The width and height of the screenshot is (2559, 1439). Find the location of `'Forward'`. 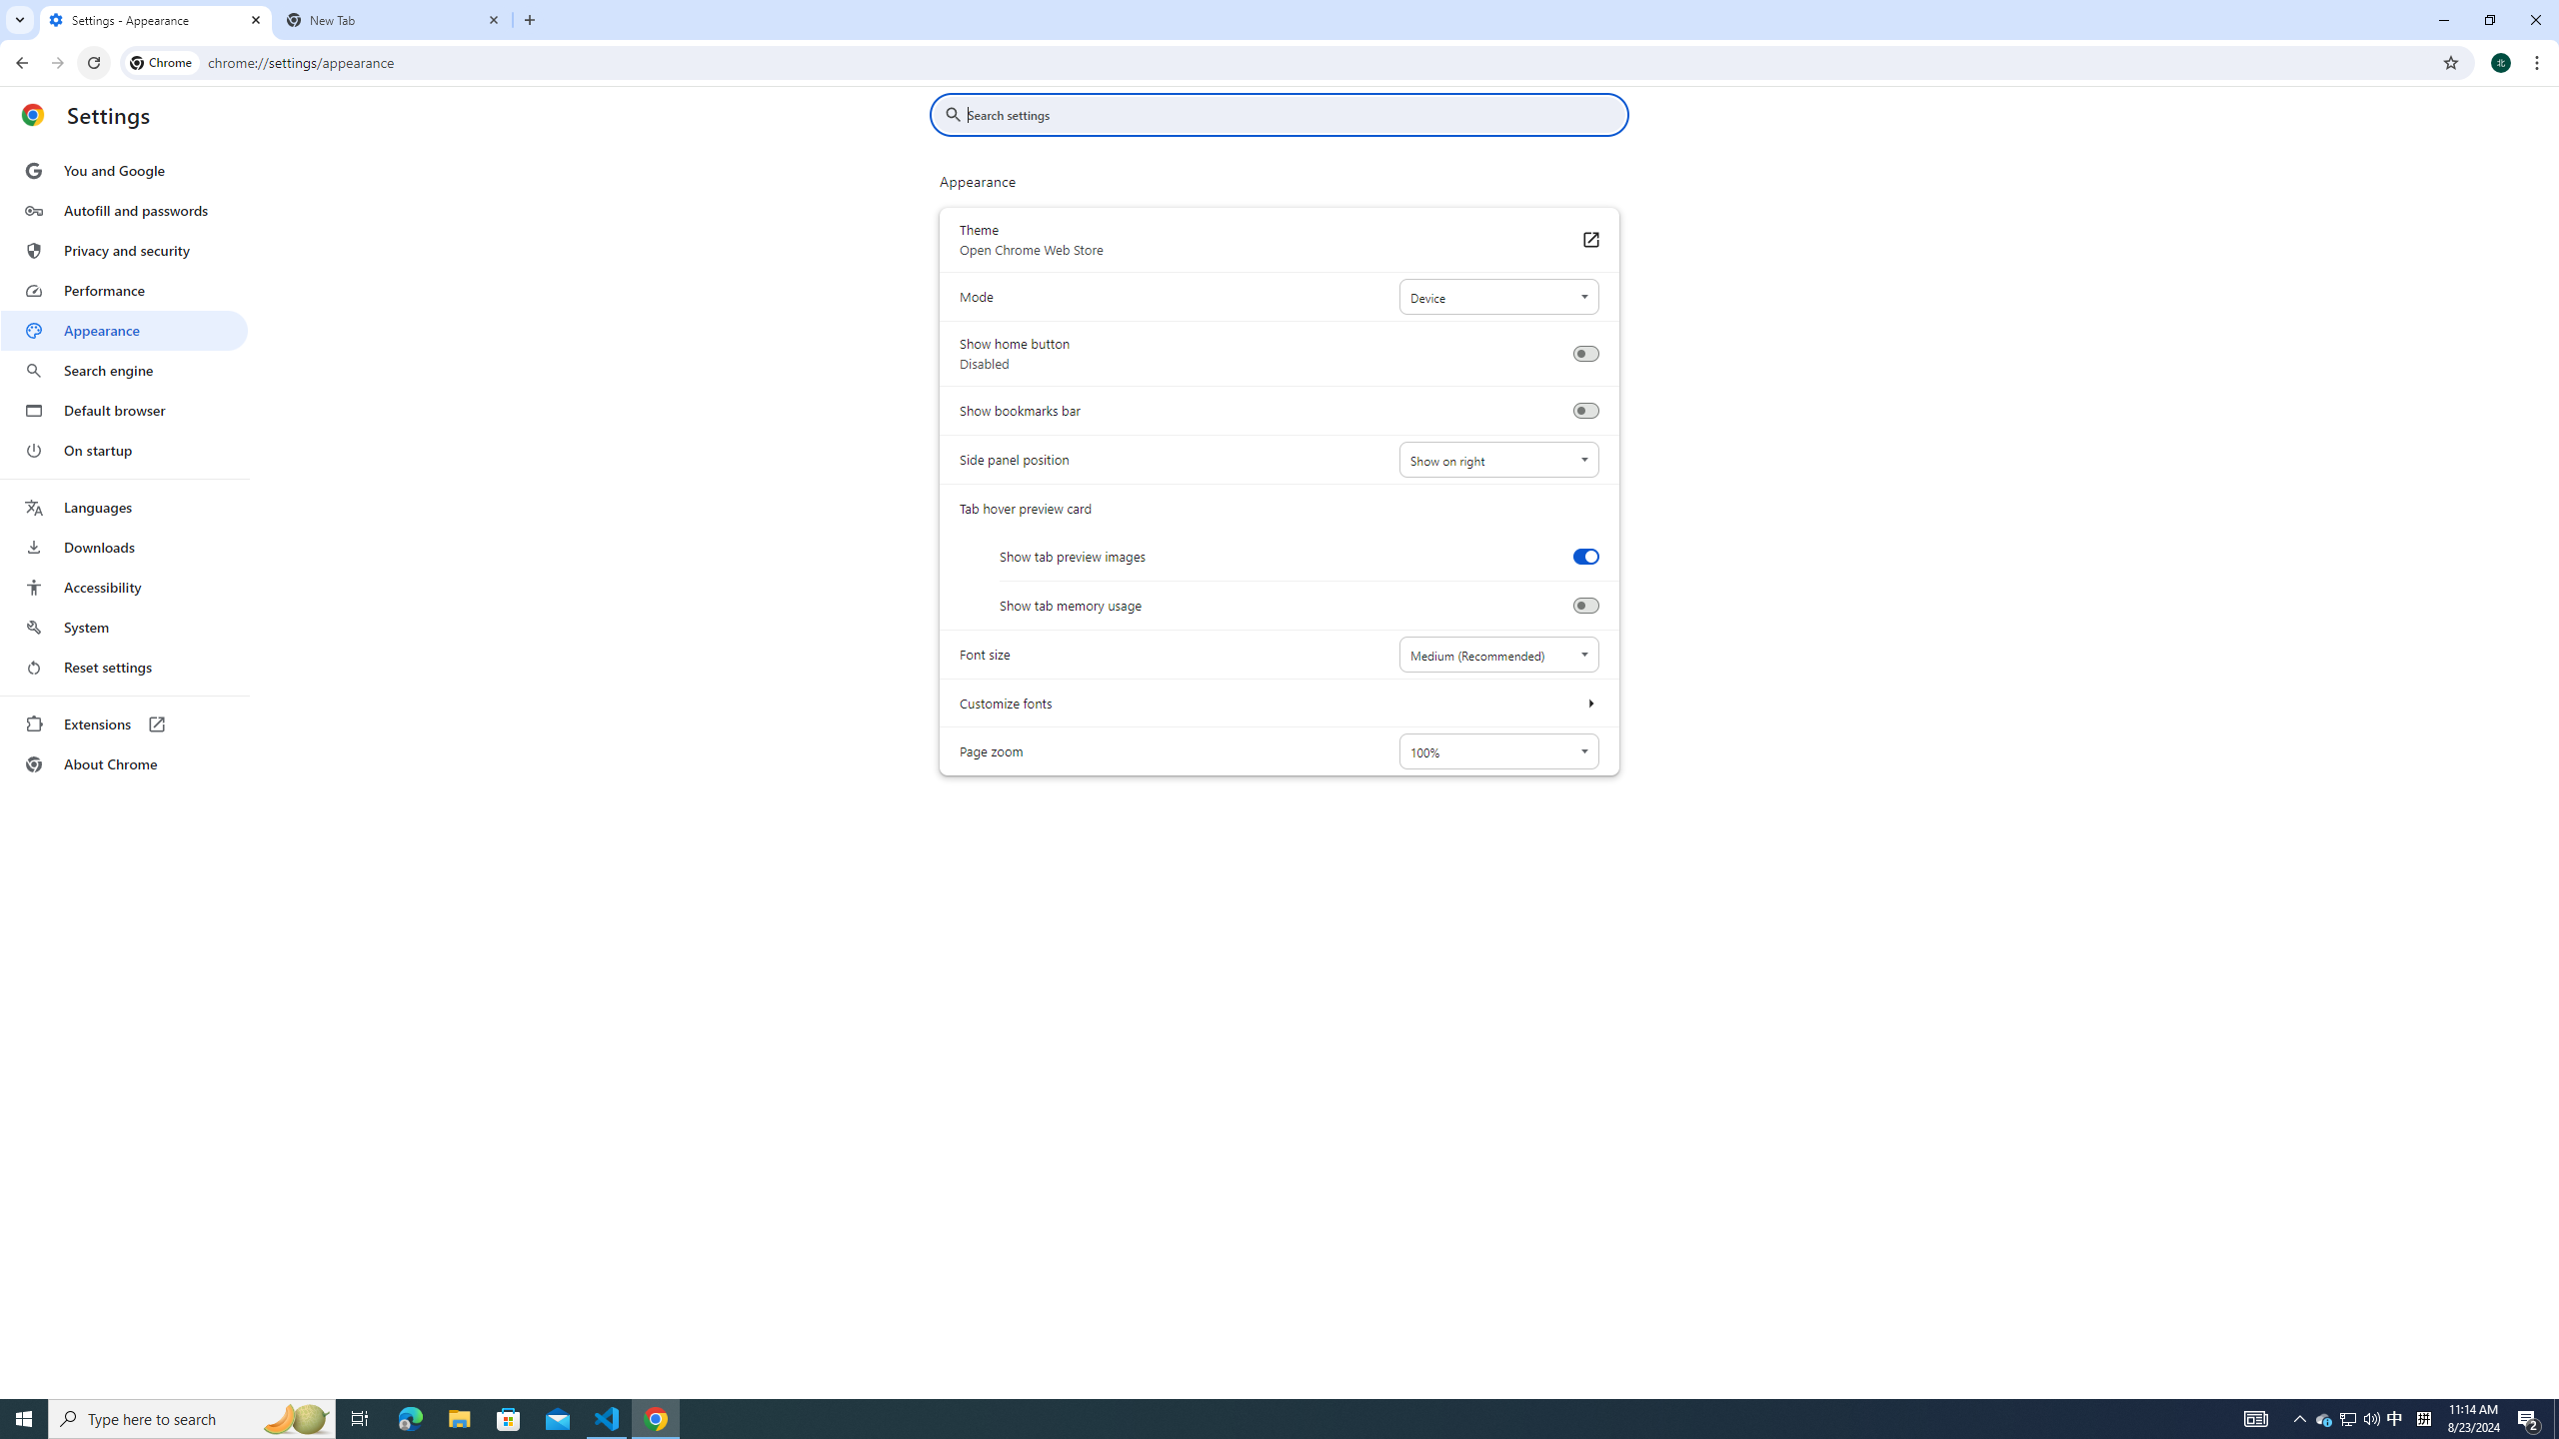

'Forward' is located at coordinates (57, 62).